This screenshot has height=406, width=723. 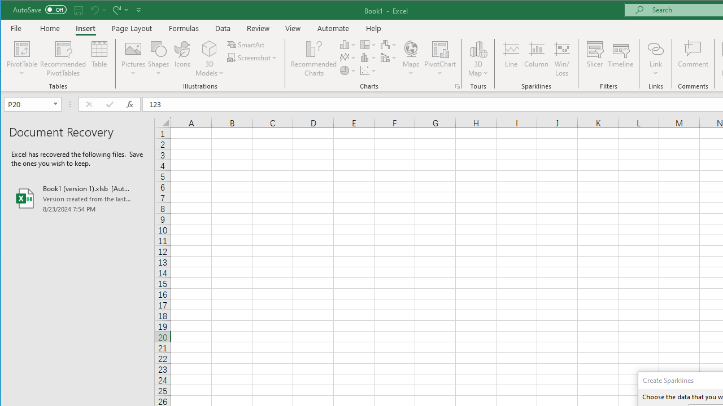 I want to click on 'SmartArt...', so click(x=246, y=44).